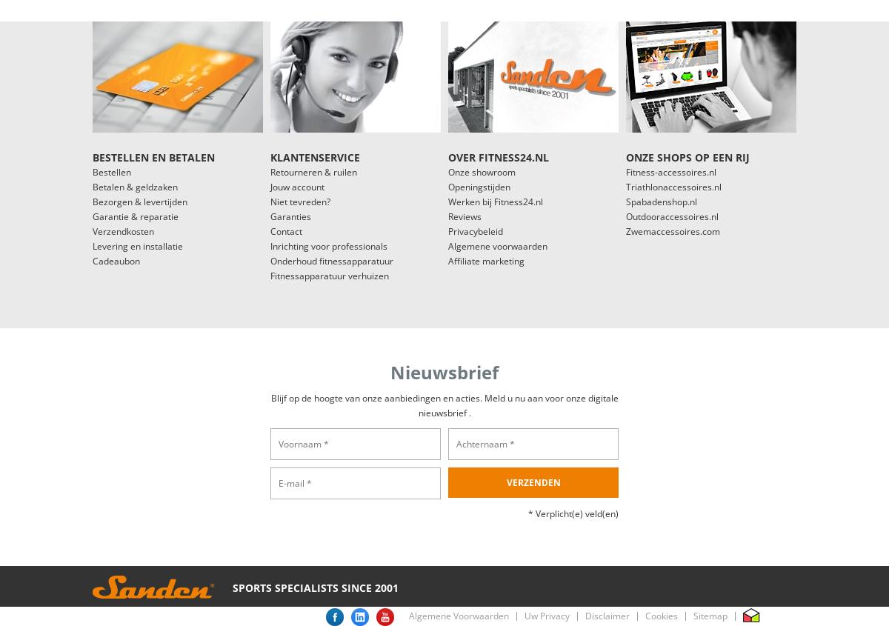 This screenshot has height=626, width=889. What do you see at coordinates (297, 186) in the screenshot?
I see `'Jouw account'` at bounding box center [297, 186].